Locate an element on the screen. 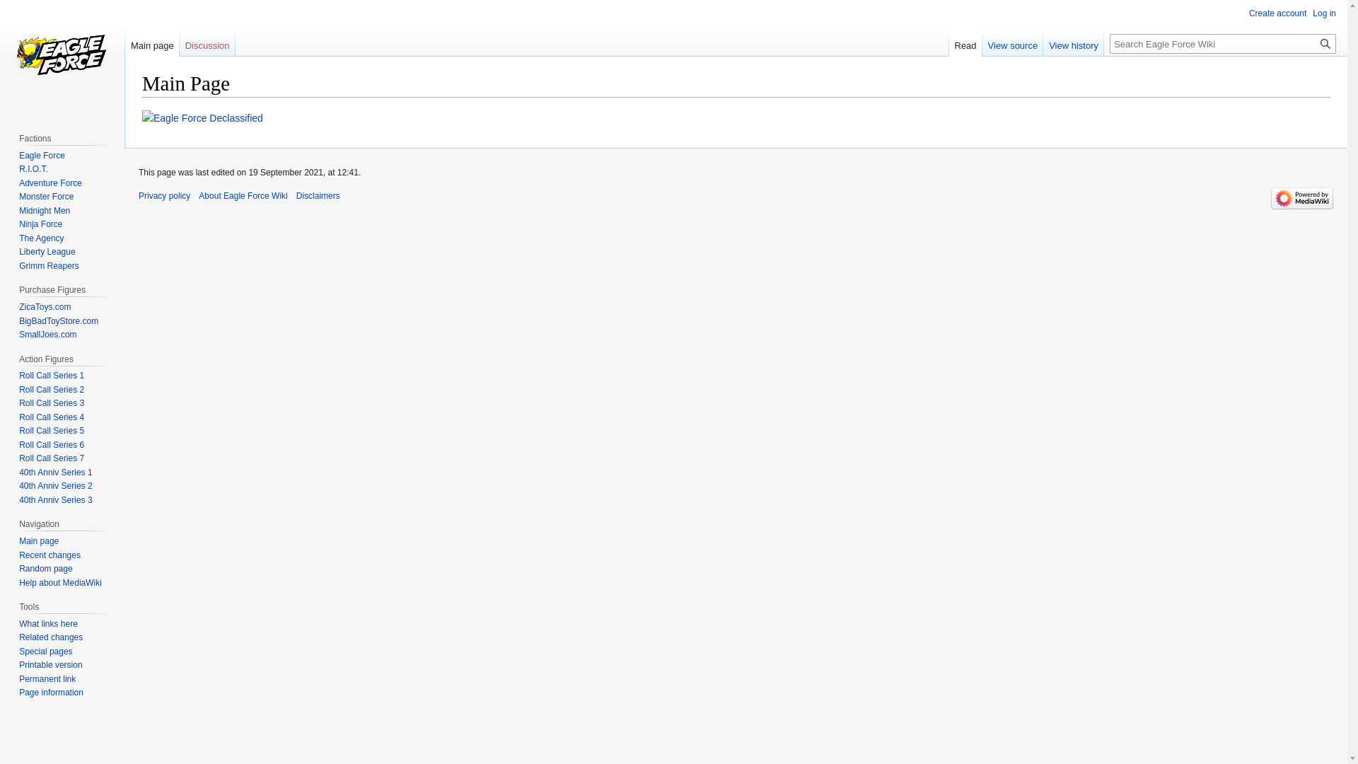  'Liberty League' is located at coordinates (47, 250).